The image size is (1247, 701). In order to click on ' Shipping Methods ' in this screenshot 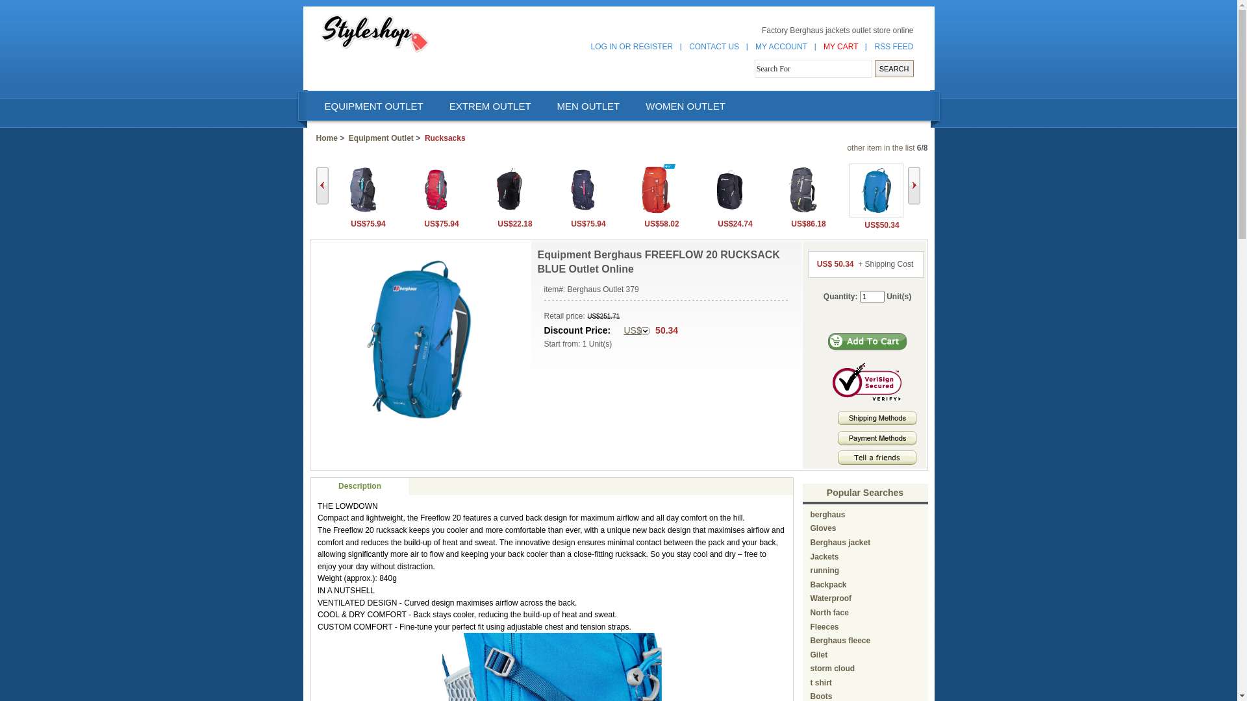, I will do `click(877, 418)`.